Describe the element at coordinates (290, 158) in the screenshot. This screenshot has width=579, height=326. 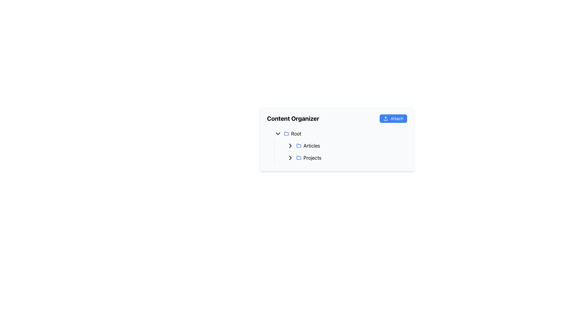
I see `the Chevron Expand/Collapse Icon located to the left of the 'Projects' label` at that location.